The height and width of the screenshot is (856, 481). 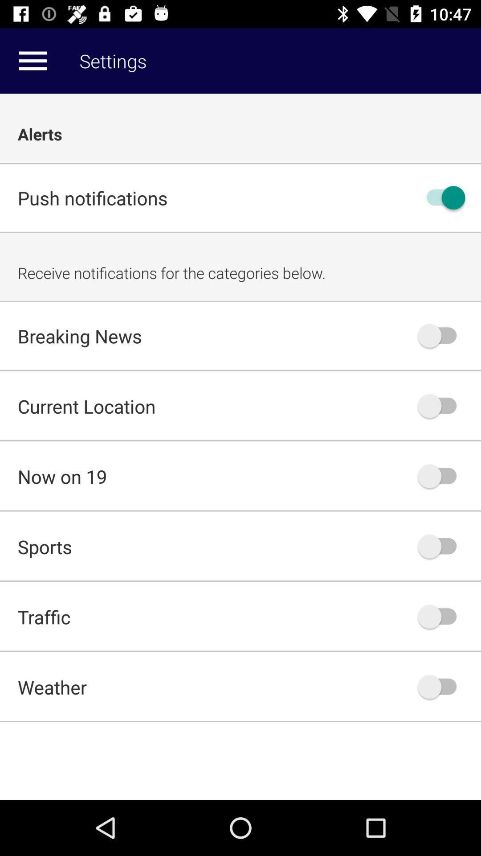 I want to click on on/off button, so click(x=441, y=476).